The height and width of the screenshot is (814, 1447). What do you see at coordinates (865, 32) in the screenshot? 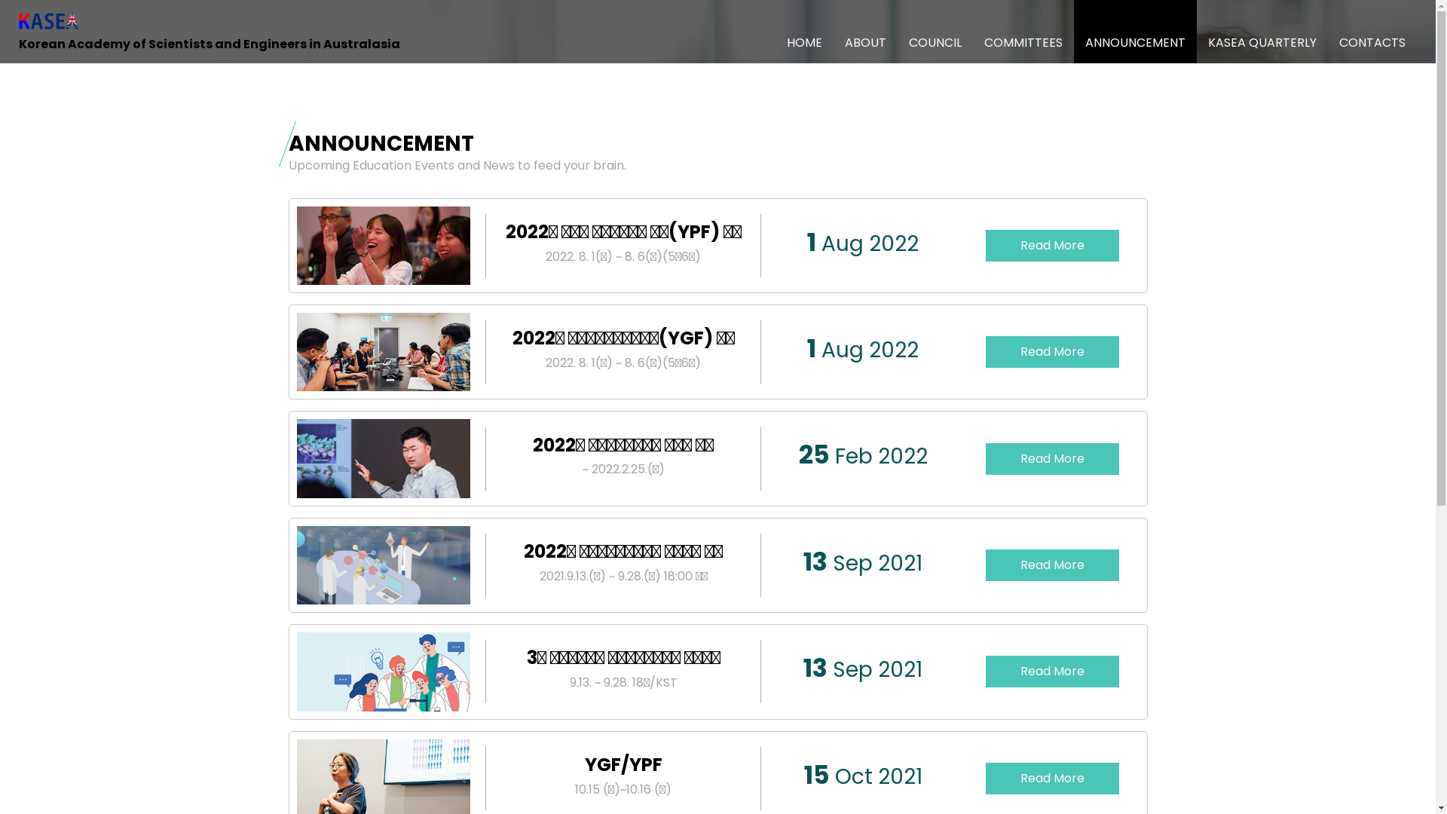
I see `'ABOUT'` at bounding box center [865, 32].